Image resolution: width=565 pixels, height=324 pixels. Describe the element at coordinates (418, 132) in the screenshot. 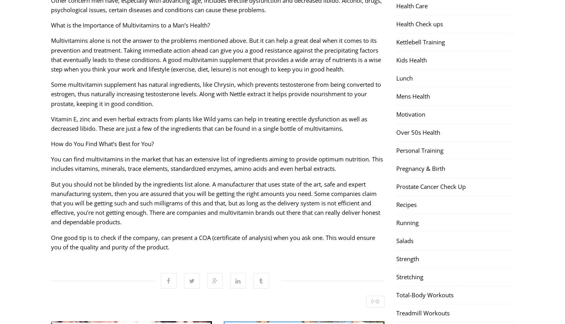

I see `'Over 50s Health'` at that location.